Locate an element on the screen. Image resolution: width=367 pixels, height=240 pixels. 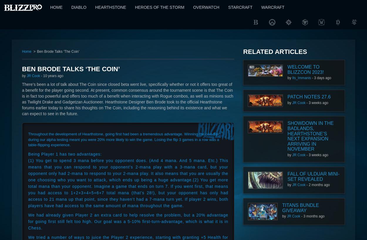
'Diablo' is located at coordinates (79, 7).